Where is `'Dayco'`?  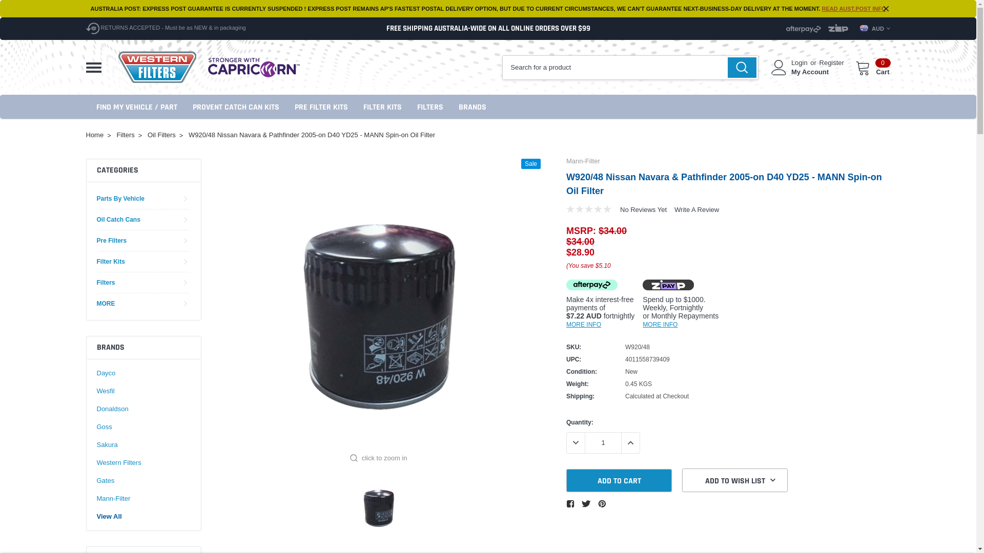
'Dayco' is located at coordinates (96, 373).